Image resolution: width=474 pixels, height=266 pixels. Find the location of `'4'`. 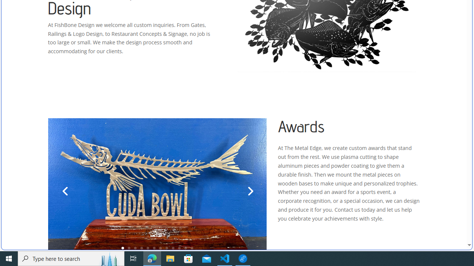

'4' is located at coordinates (141, 248).